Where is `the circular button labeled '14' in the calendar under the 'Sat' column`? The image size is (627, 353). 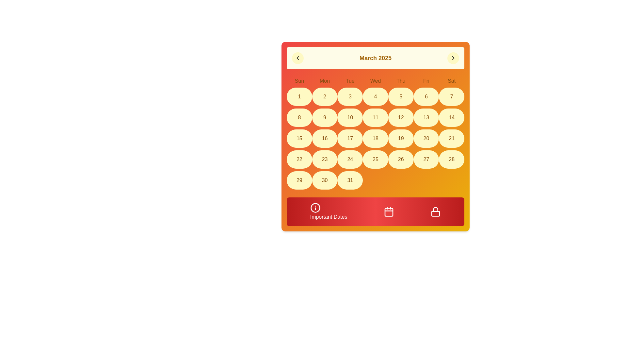 the circular button labeled '14' in the calendar under the 'Sat' column is located at coordinates (451, 117).